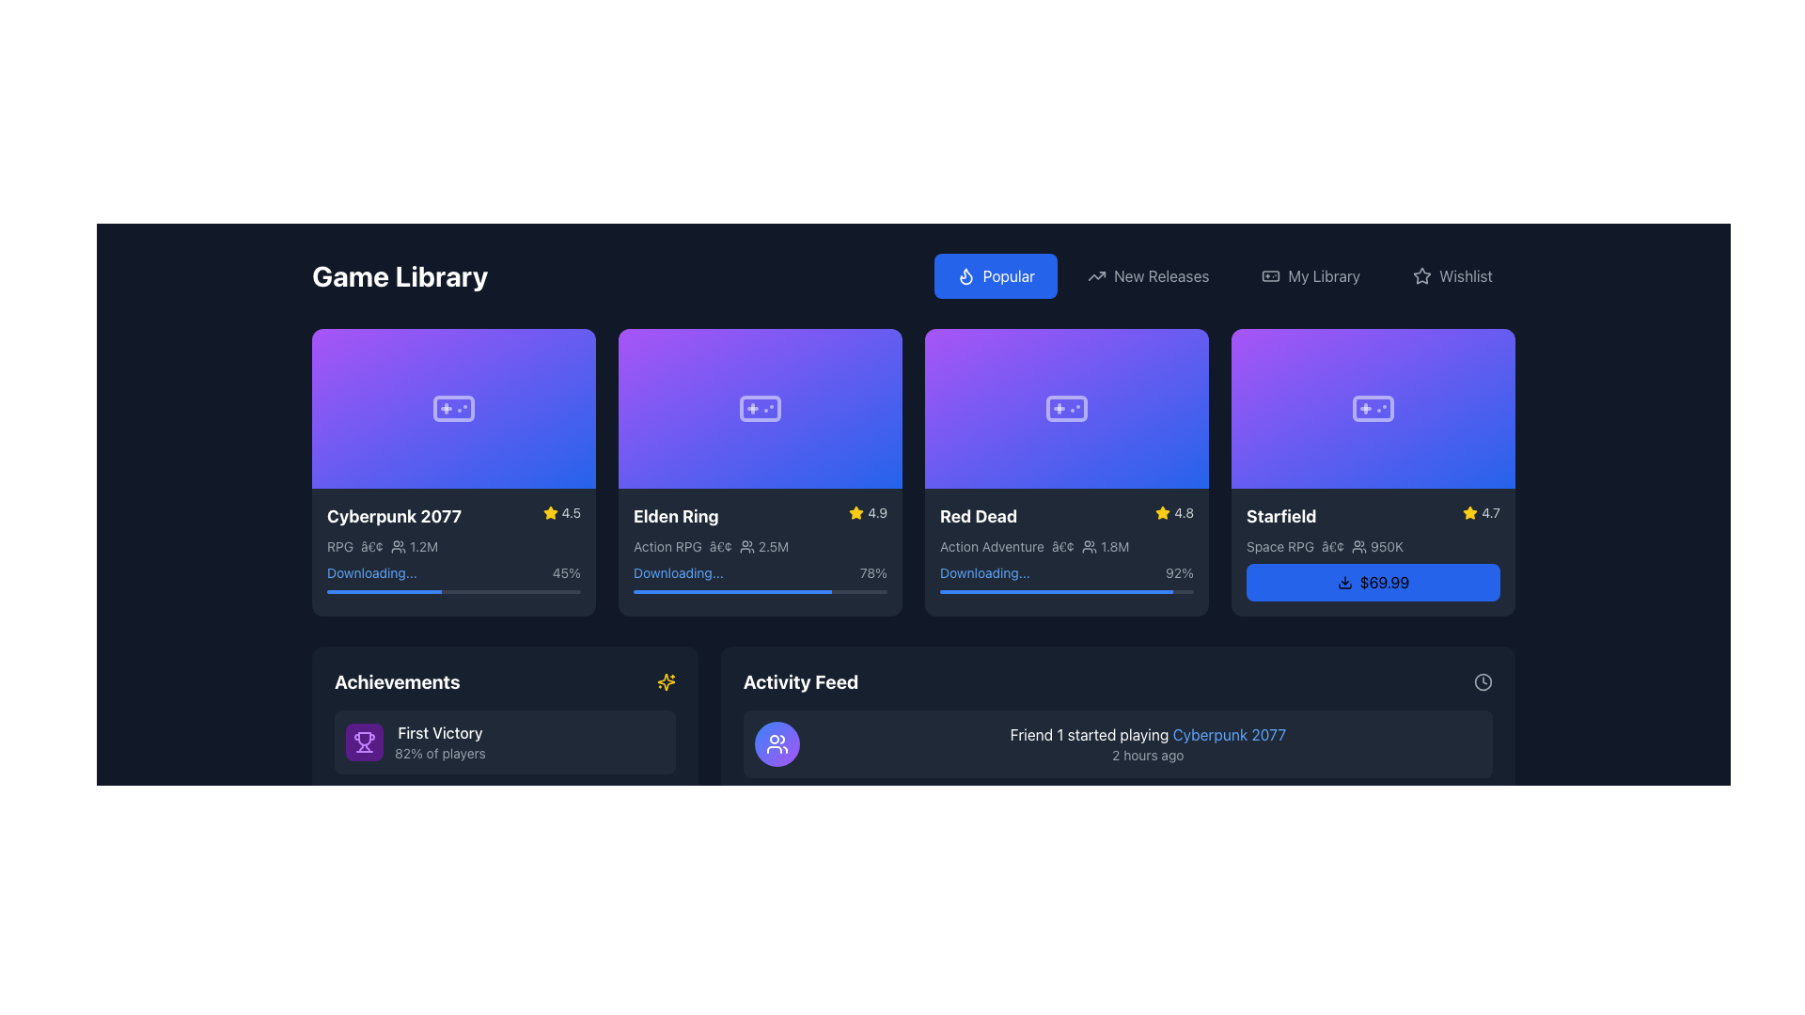  I want to click on the progress status of the download indicator for the 'Elden Ring' game, which is located in the lower-middle part of the game card, below the game title, so click(761, 576).